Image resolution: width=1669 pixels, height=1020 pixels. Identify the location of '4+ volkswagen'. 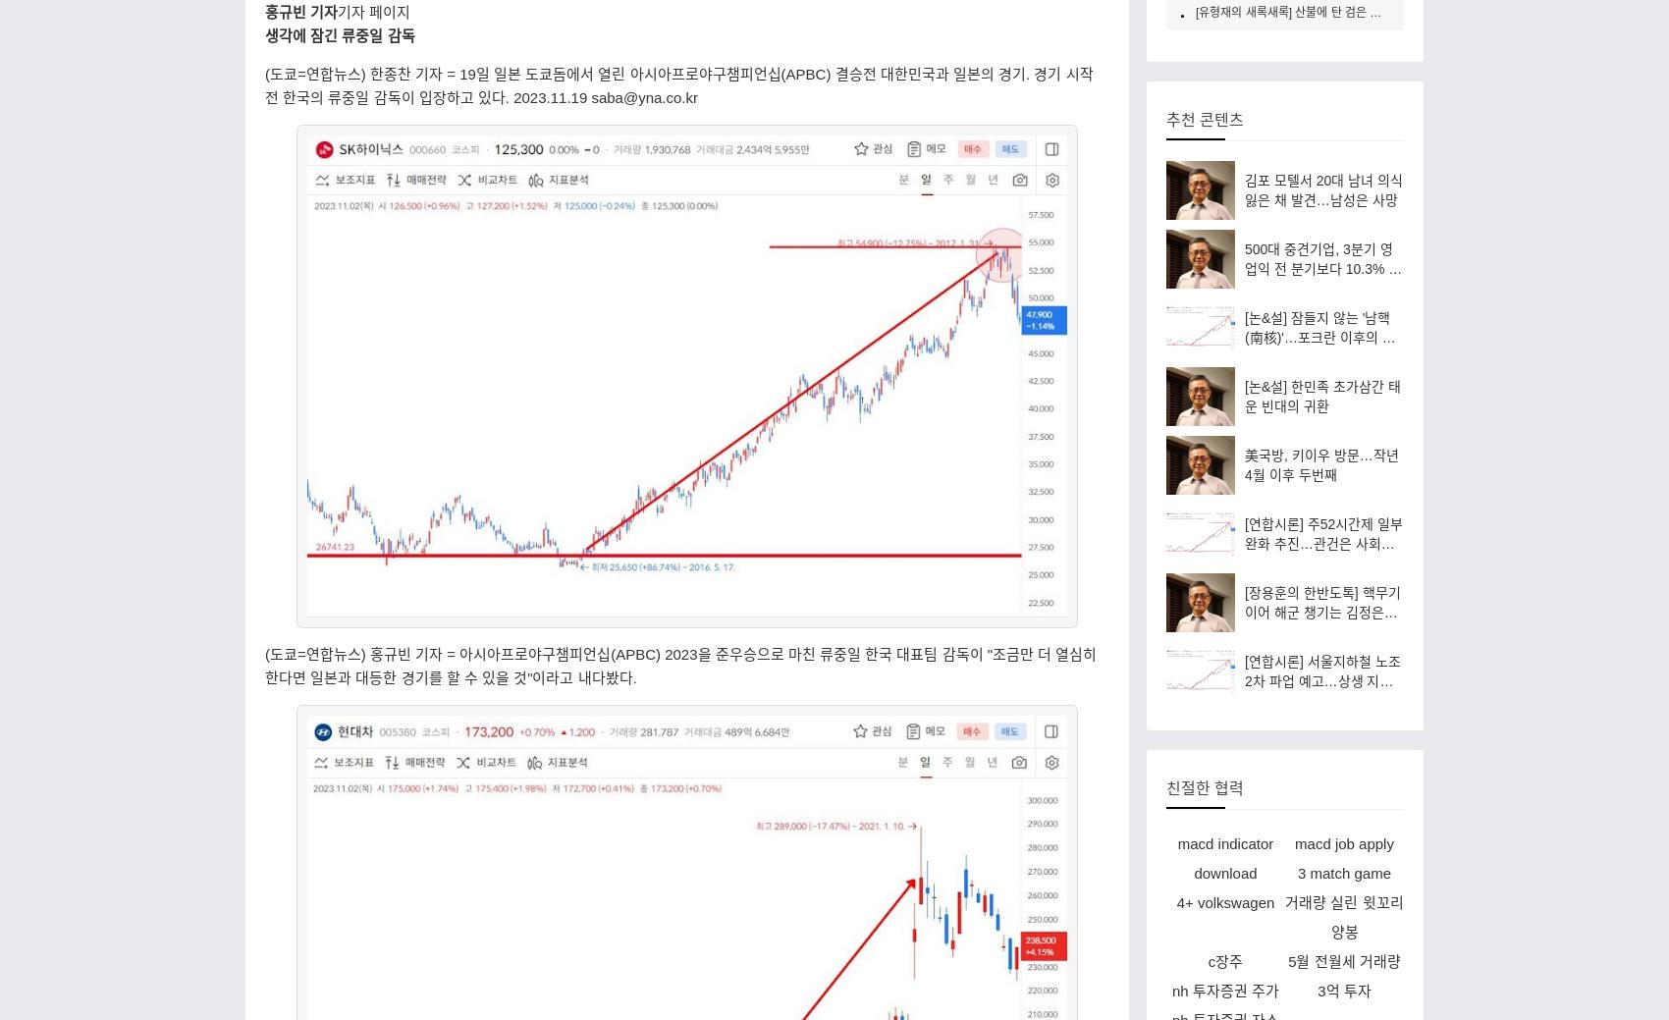
(1174, 901).